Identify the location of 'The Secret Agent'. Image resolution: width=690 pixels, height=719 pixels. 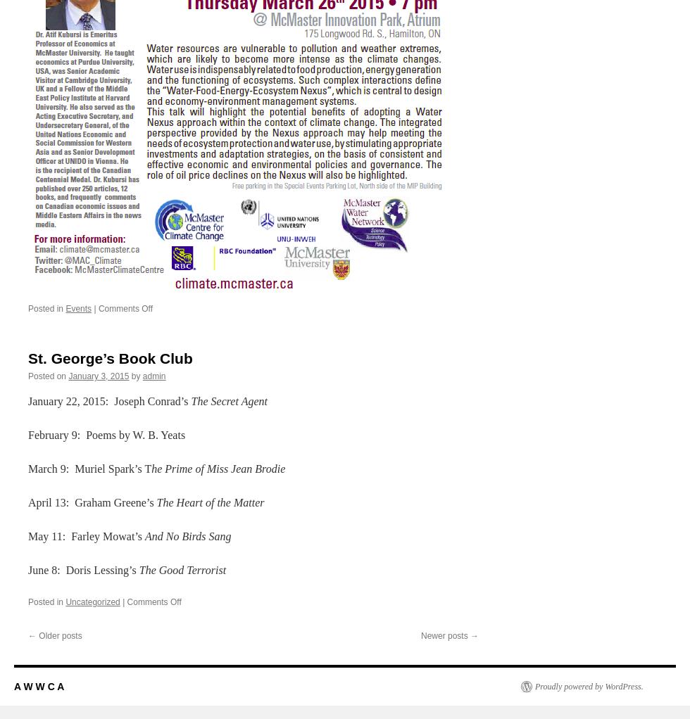
(228, 400).